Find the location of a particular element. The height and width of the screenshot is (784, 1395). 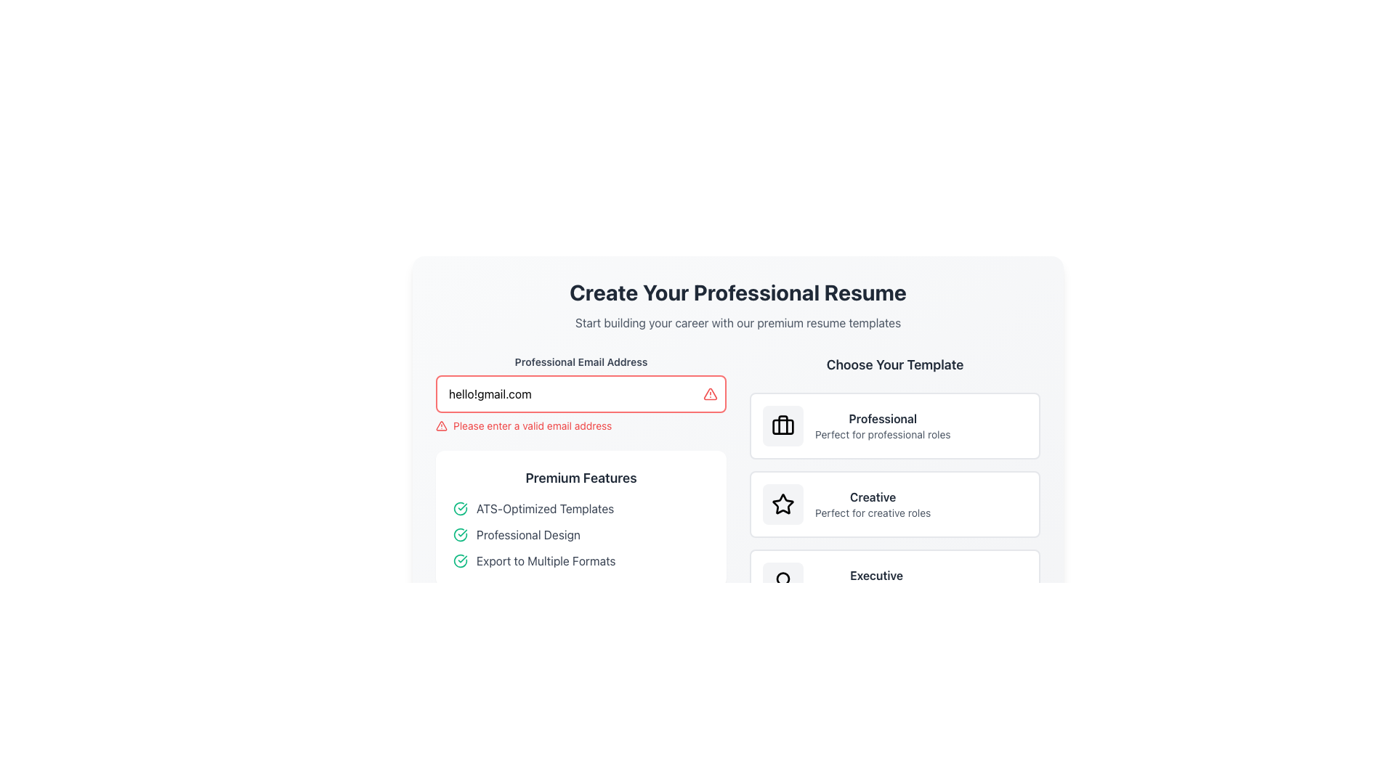

the three selectable cards in the grid layout with the title 'Professional Email Address' and the input field containing 'hello!gmail.com' is located at coordinates (738, 485).